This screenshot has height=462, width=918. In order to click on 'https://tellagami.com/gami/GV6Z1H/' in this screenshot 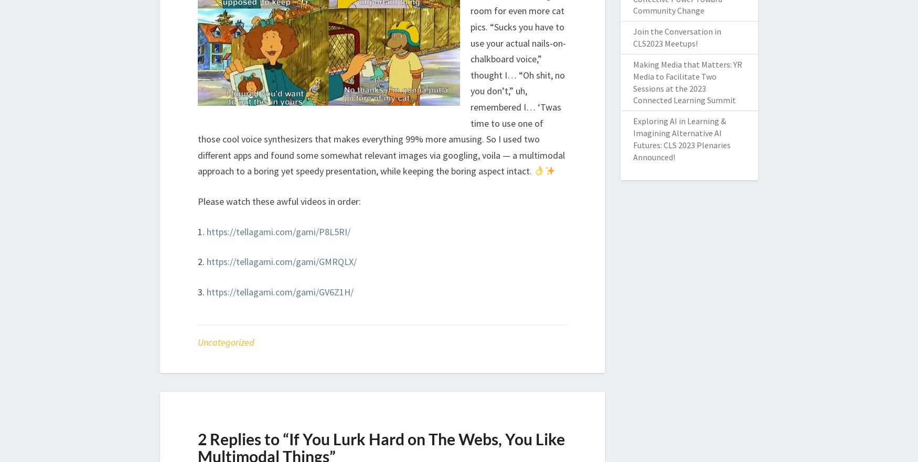, I will do `click(279, 291)`.